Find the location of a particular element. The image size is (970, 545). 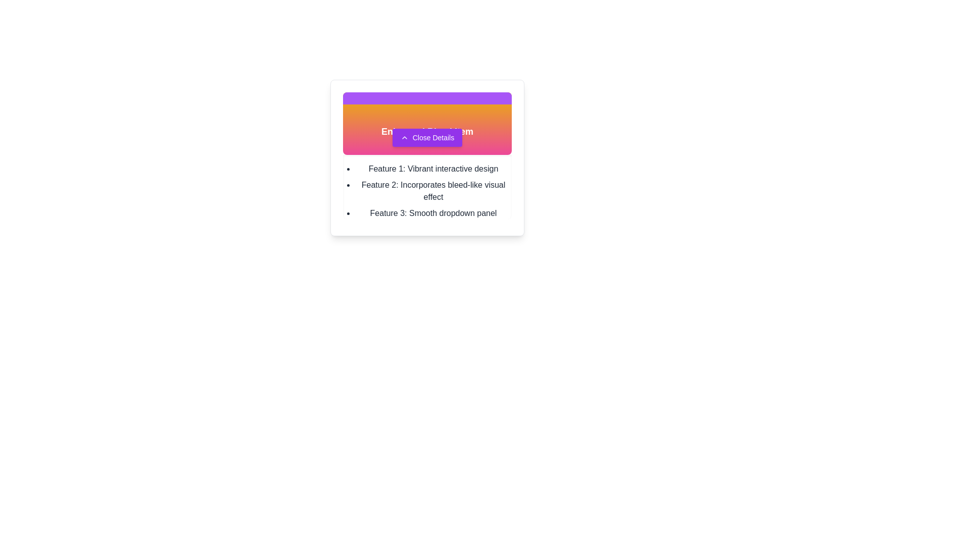

the 'Close Details' button in the 'Enhanced Bleed Item' component is located at coordinates (427, 123).